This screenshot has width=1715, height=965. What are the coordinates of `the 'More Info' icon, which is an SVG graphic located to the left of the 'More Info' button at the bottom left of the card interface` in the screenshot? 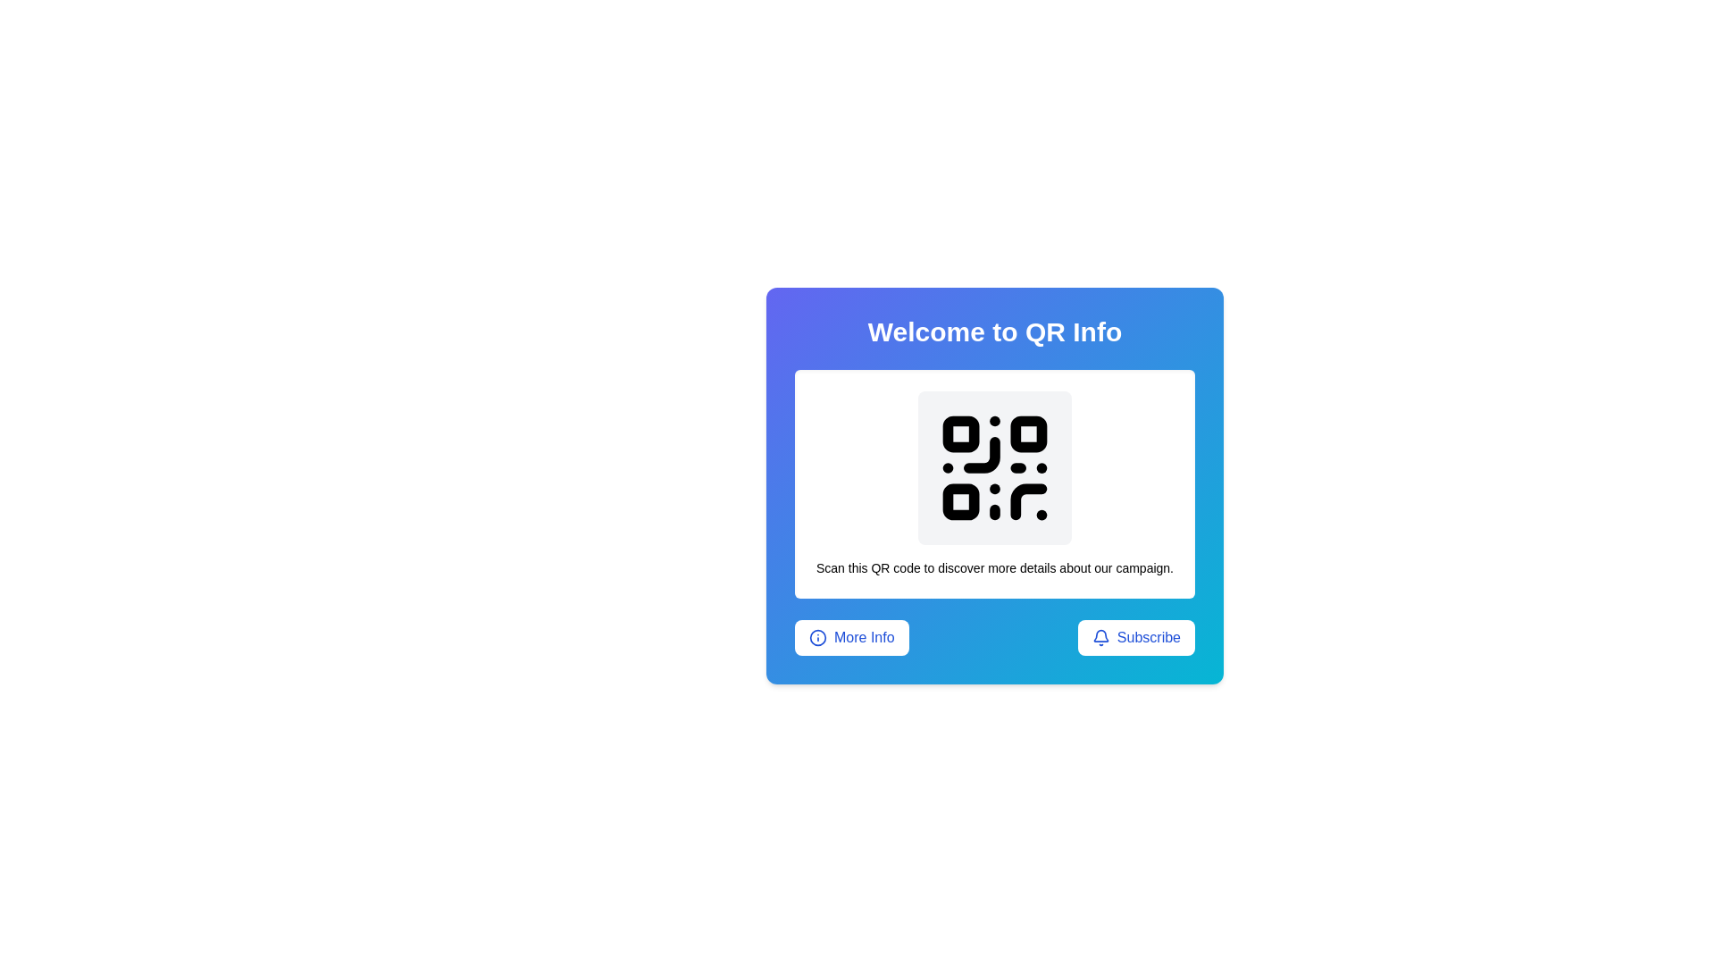 It's located at (817, 636).